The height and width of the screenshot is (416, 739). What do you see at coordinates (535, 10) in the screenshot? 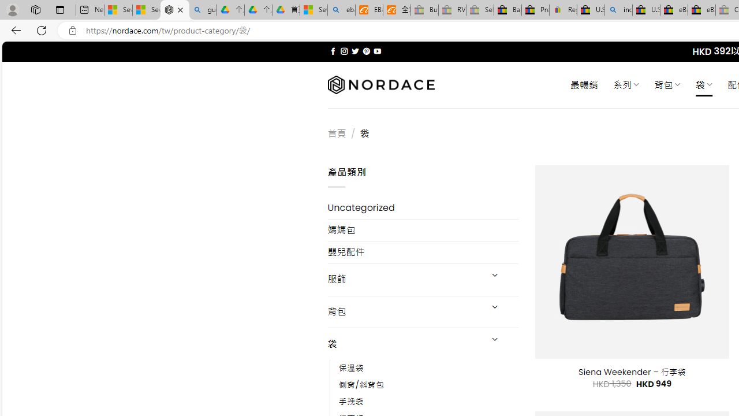
I see `'Press Room - eBay Inc.'` at bounding box center [535, 10].